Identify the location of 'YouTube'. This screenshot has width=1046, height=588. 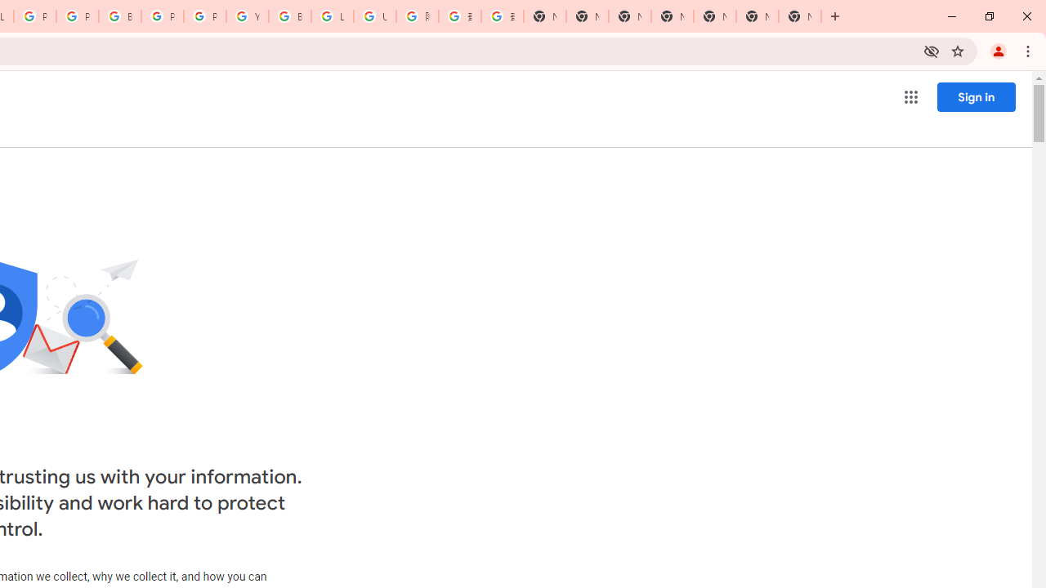
(246, 16).